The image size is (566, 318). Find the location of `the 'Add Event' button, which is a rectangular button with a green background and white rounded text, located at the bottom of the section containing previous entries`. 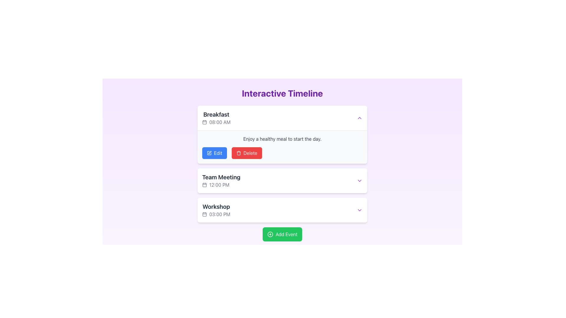

the 'Add Event' button, which is a rectangular button with a green background and white rounded text, located at the bottom of the section containing previous entries is located at coordinates (282, 234).